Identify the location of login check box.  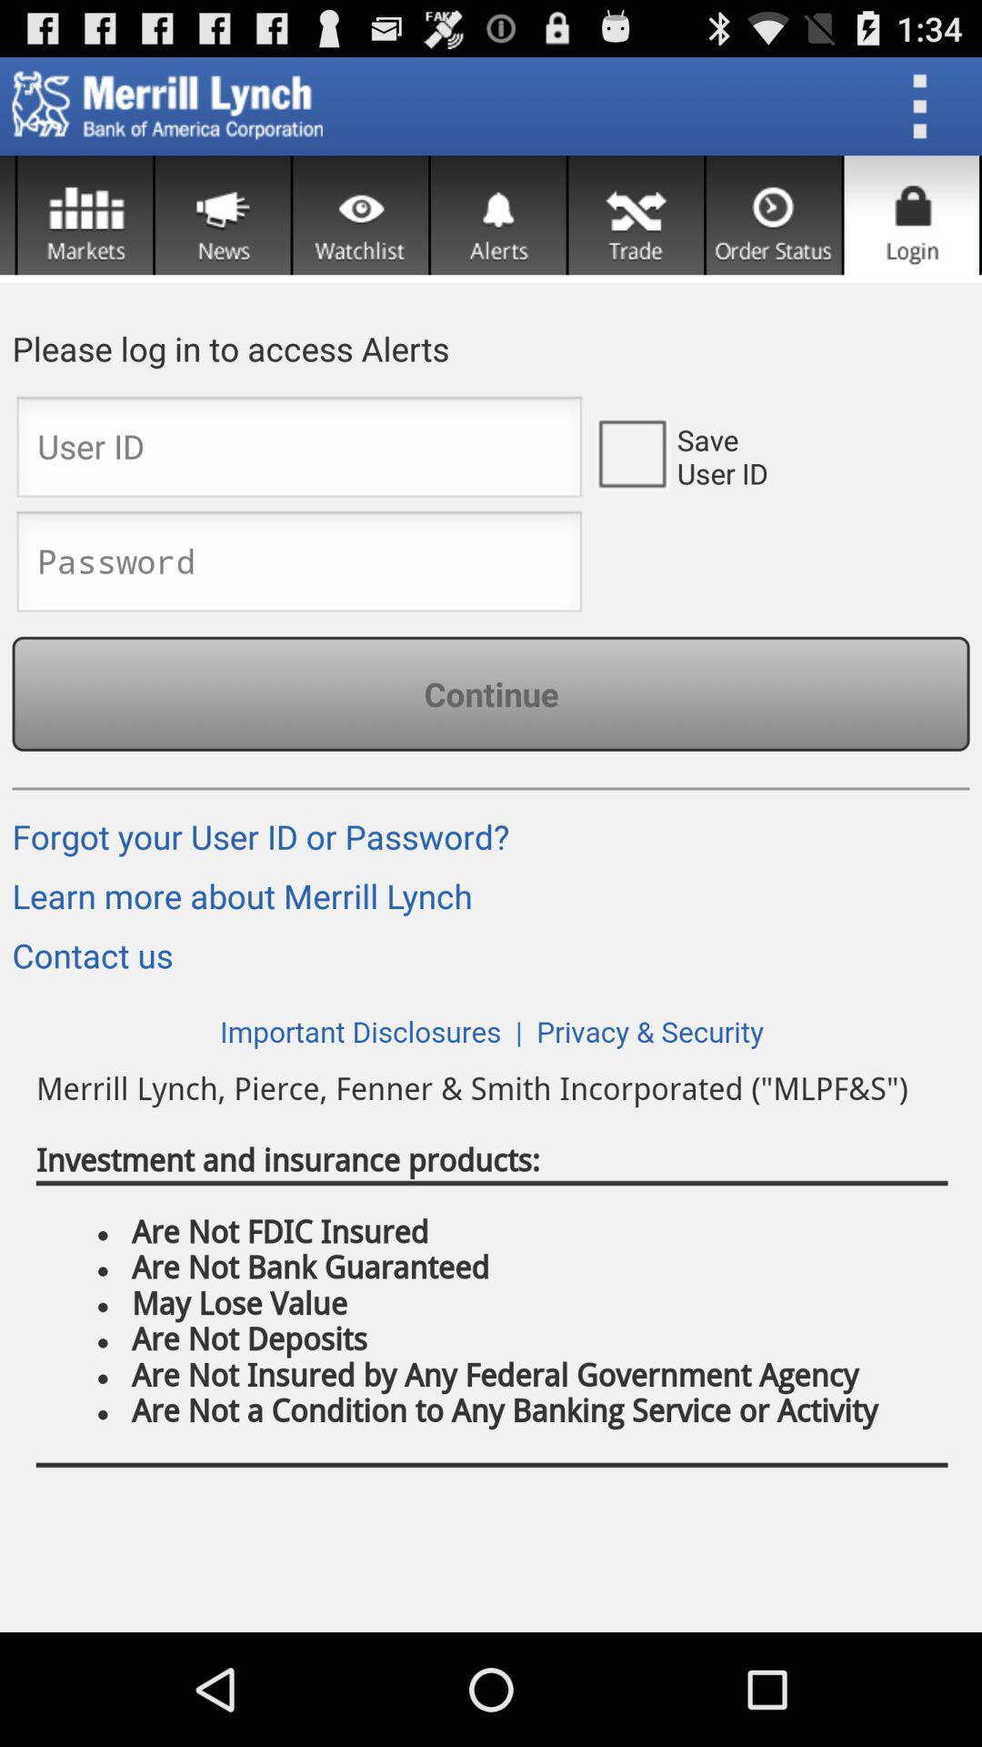
(630, 452).